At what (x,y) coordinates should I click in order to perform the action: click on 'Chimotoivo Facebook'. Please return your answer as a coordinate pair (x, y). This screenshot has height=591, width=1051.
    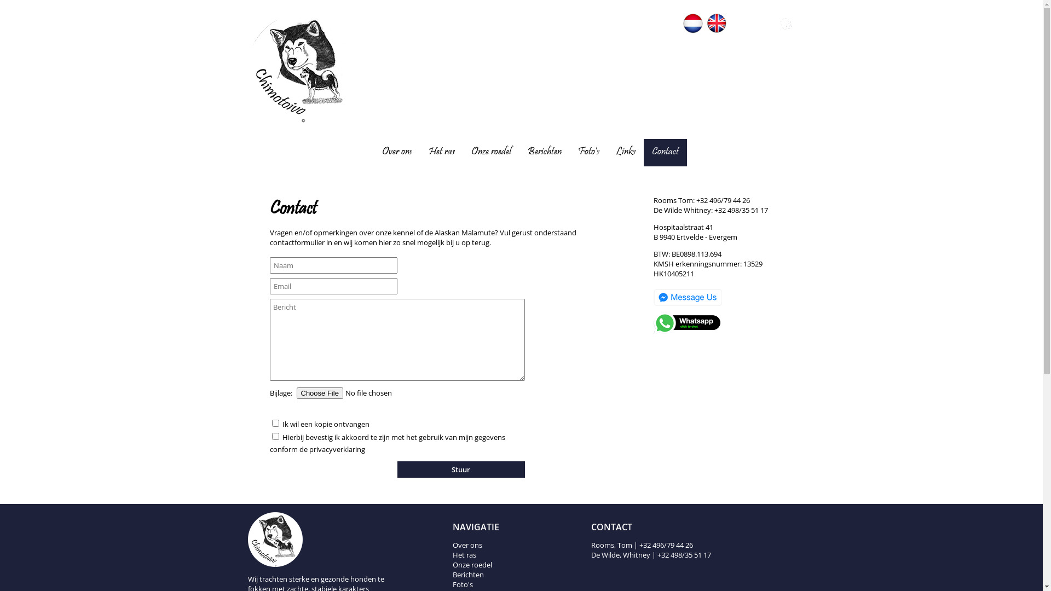
    Looking at the image, I should click on (739, 30).